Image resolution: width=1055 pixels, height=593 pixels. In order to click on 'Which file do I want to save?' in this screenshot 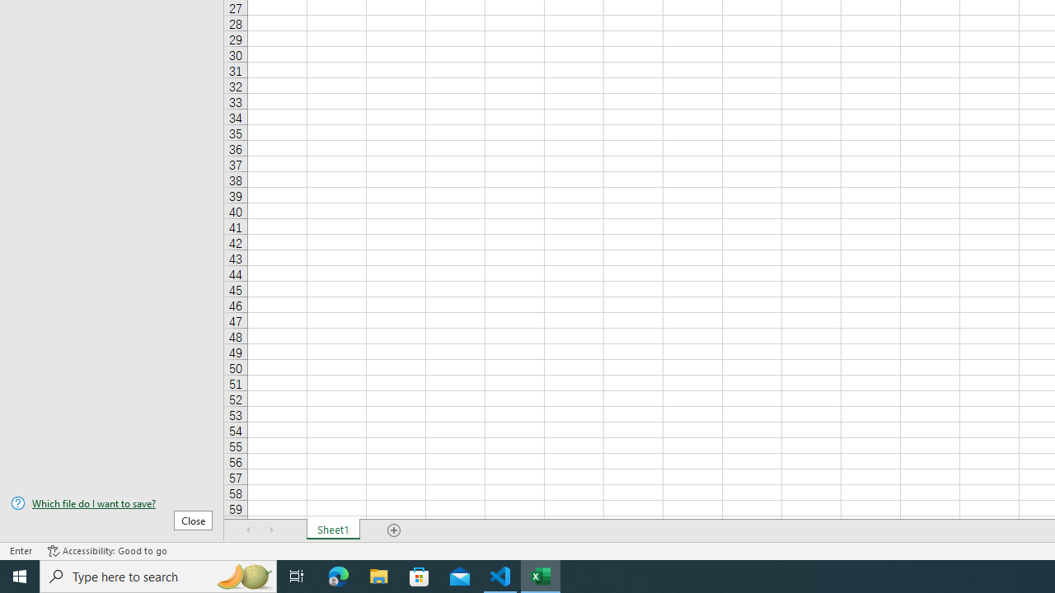, I will do `click(111, 502)`.